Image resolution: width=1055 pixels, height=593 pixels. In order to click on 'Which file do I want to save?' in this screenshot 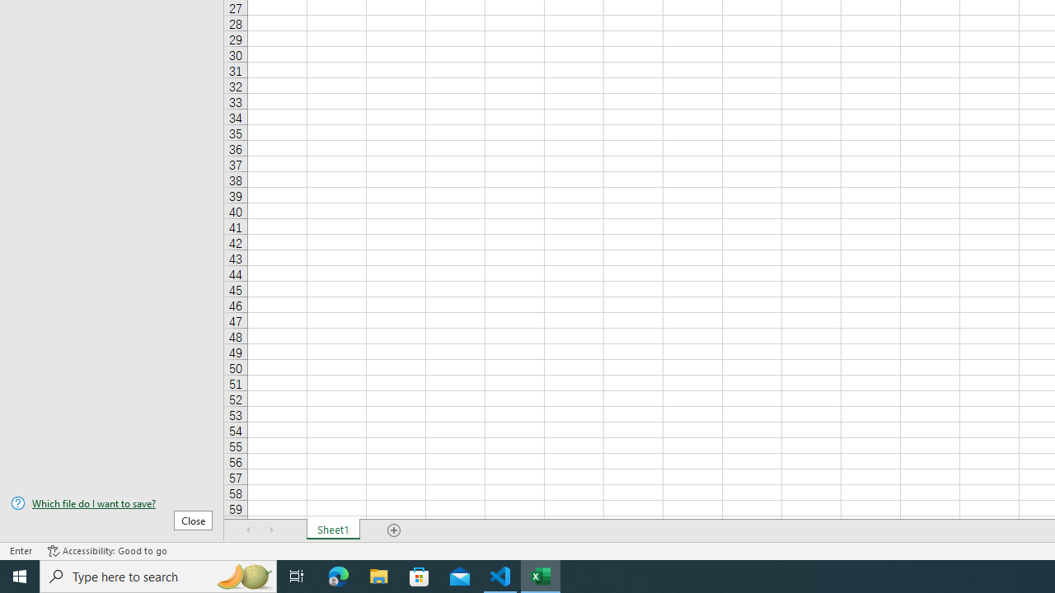, I will do `click(111, 502)`.